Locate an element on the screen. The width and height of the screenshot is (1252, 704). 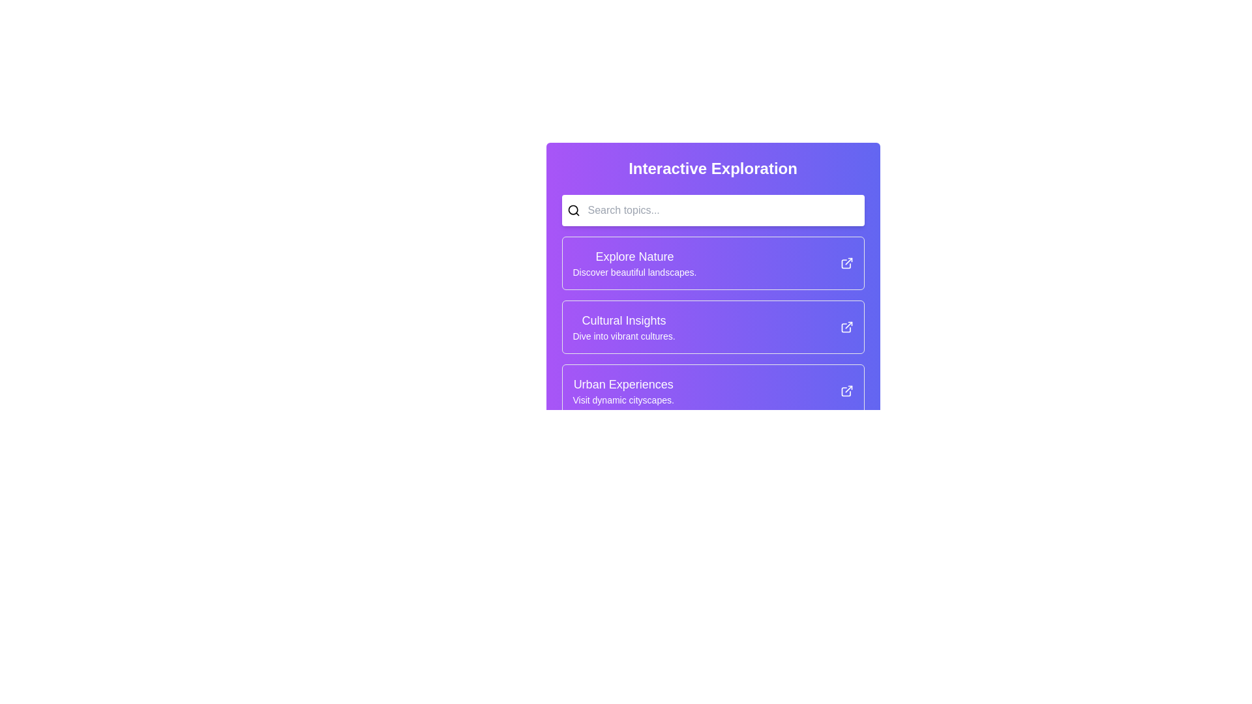
the clickable text area that serves as a descriptive link for navigating to cultural insights, positioned as the second entry in the list below 'Explore Nature' and above 'Urban Experiences' is located at coordinates (623, 326).